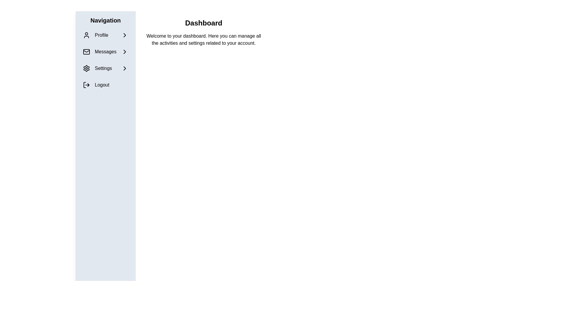 The height and width of the screenshot is (320, 569). Describe the element at coordinates (106, 85) in the screenshot. I see `the logout button located in the vertical navigation menu on the left side of the interface, specifically the fourth item after 'Profile,' 'Messages,' and 'Settings' to terminate the session` at that location.